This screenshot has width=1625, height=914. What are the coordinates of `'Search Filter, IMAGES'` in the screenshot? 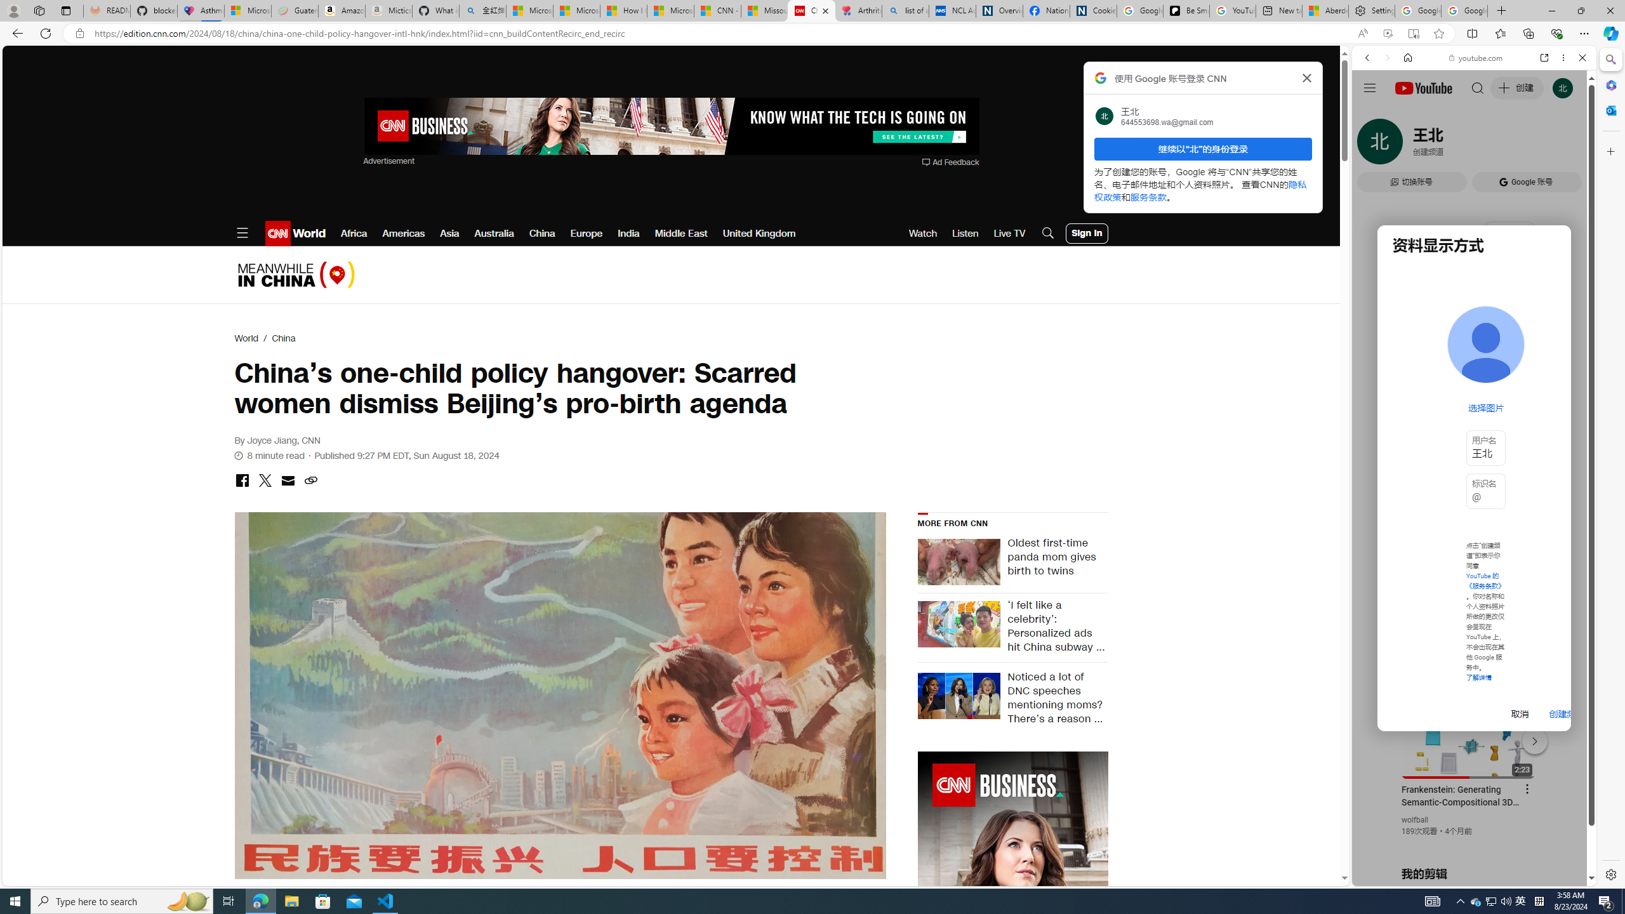 It's located at (1409, 144).